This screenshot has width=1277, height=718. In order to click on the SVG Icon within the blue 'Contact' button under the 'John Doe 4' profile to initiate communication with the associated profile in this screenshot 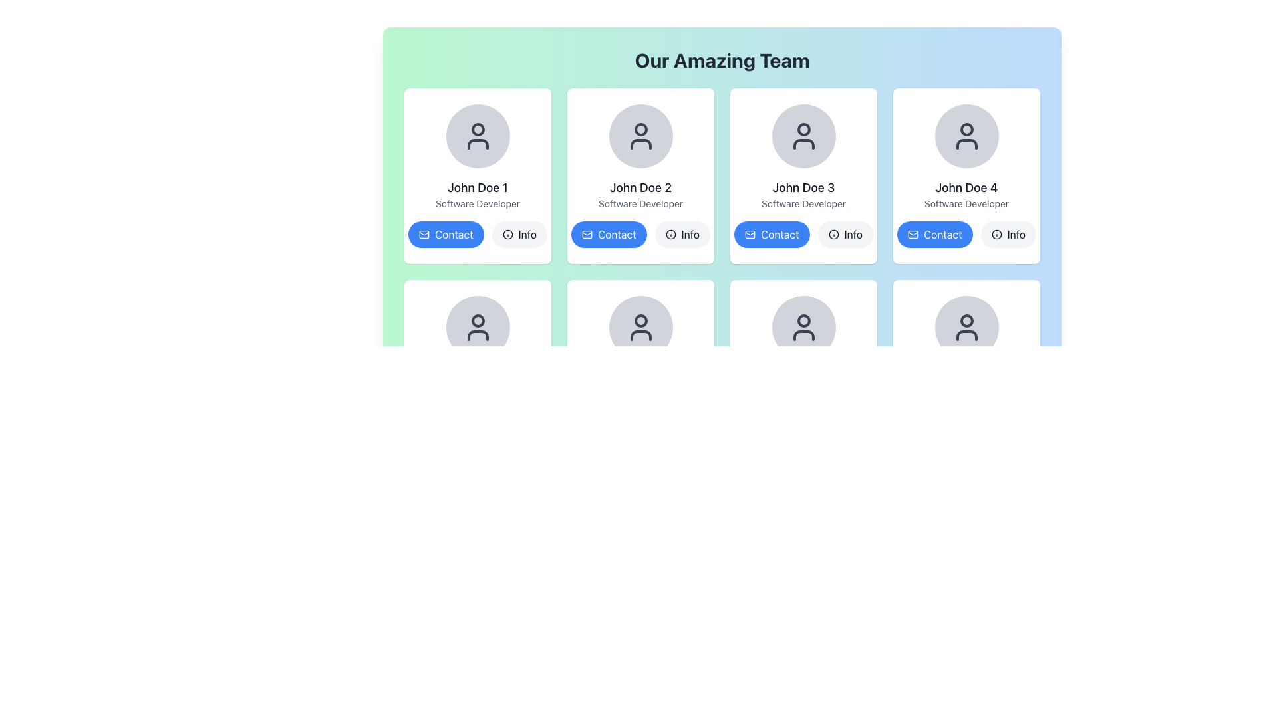, I will do `click(912, 234)`.